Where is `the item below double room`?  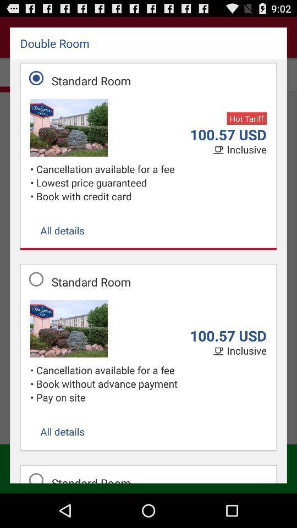 the item below double room is located at coordinates (246, 118).